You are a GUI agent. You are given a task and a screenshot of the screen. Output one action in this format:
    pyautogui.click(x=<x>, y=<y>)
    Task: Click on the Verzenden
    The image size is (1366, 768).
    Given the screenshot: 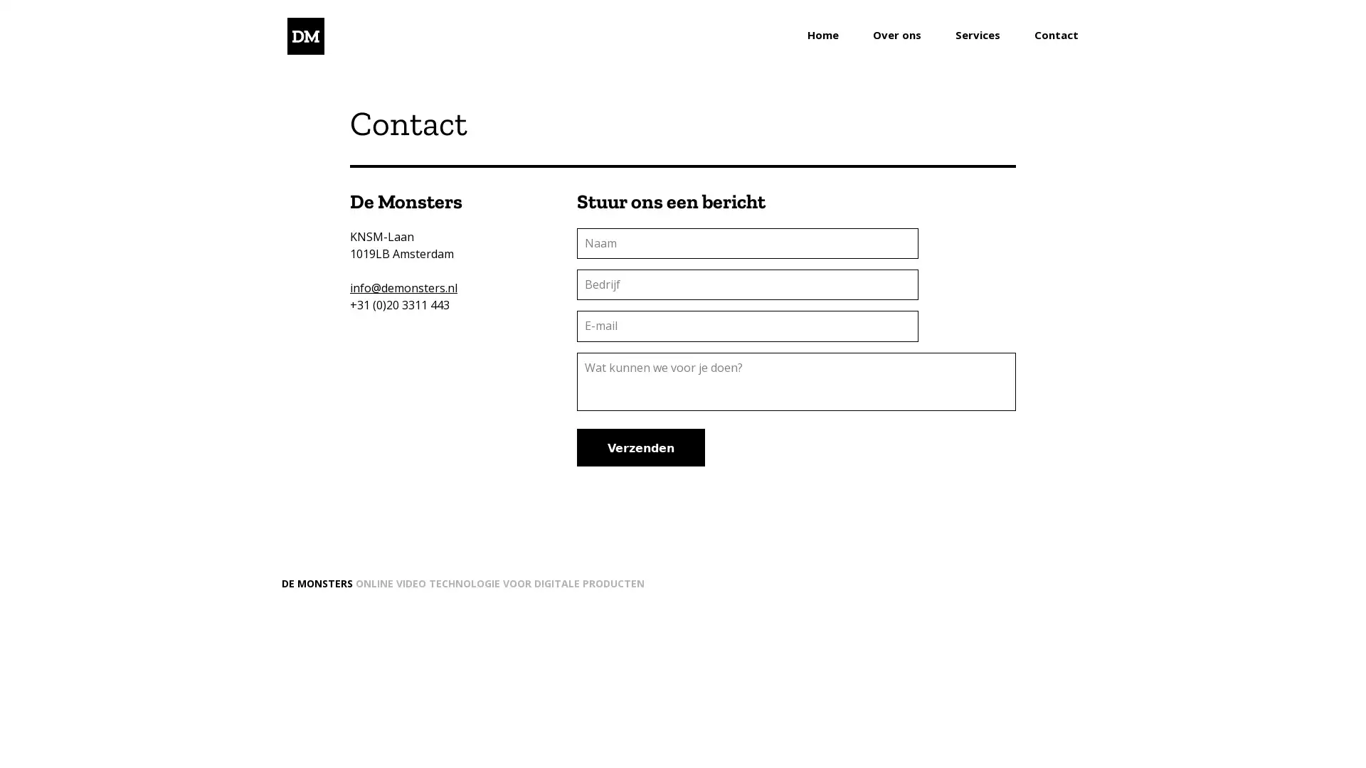 What is the action you would take?
    pyautogui.click(x=640, y=446)
    